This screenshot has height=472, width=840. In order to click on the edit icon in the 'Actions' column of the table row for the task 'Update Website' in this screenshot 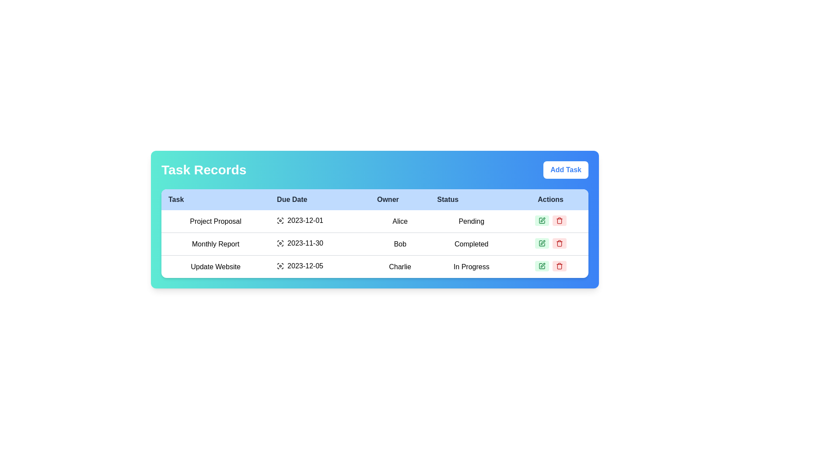, I will do `click(541, 243)`.